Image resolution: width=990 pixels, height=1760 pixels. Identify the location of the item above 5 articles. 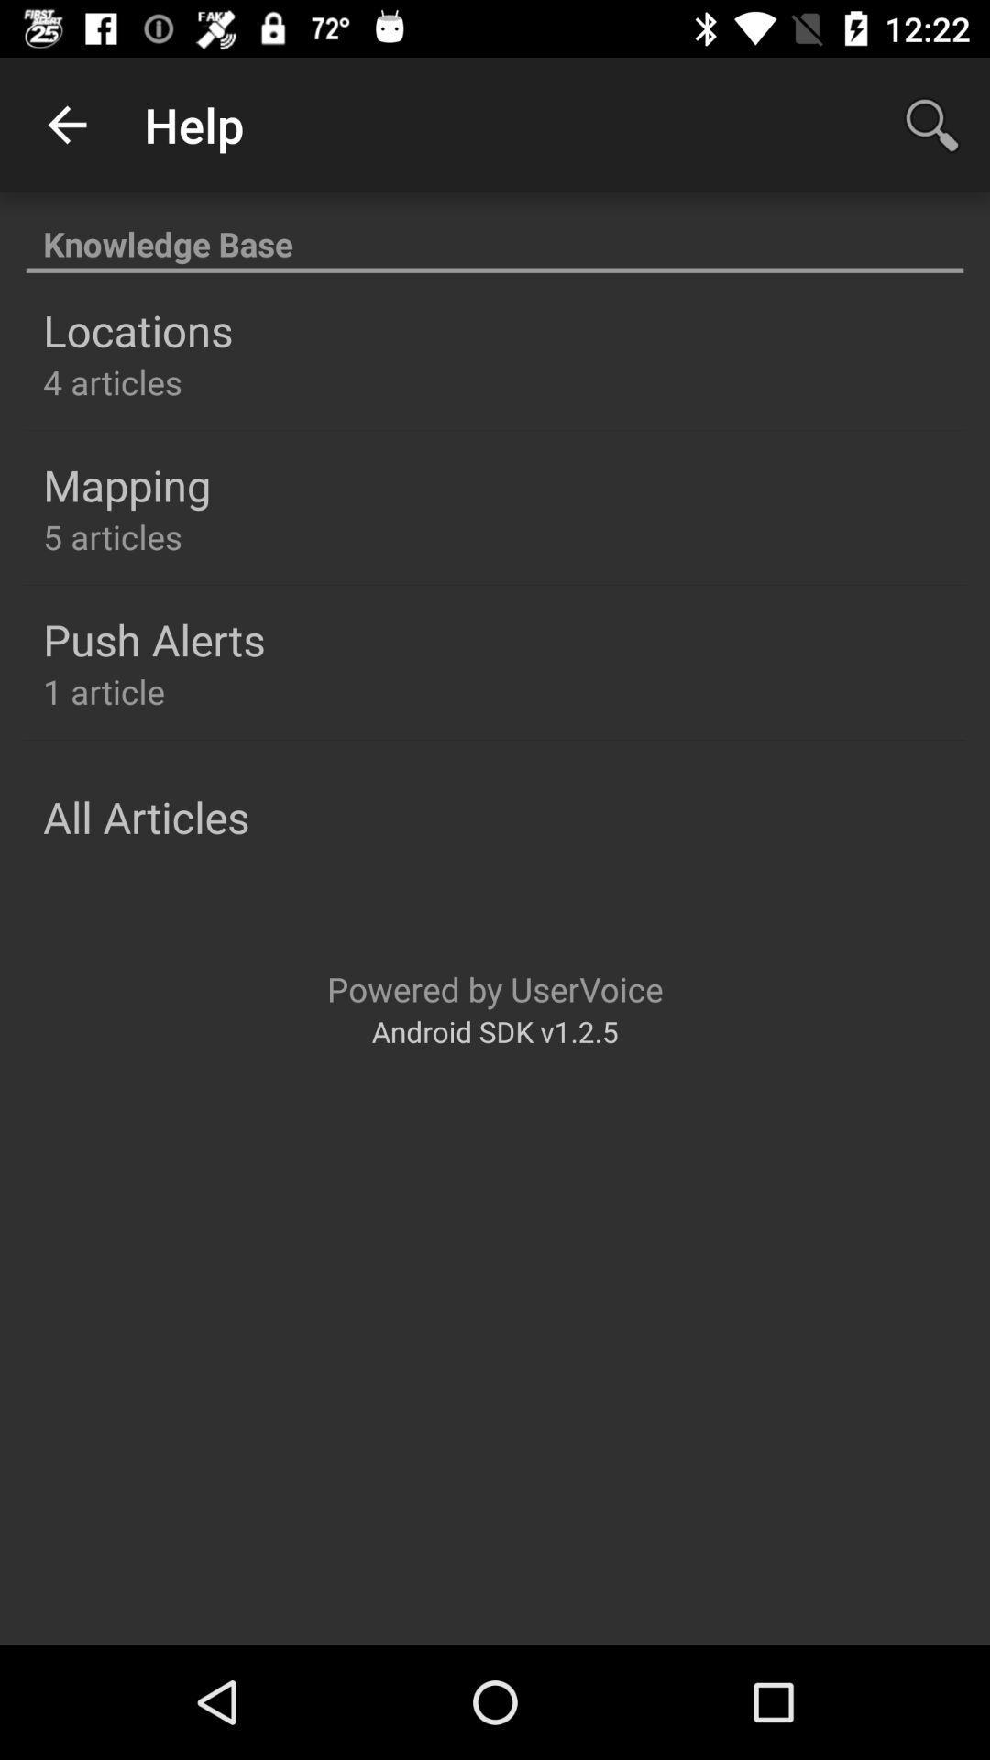
(126, 485).